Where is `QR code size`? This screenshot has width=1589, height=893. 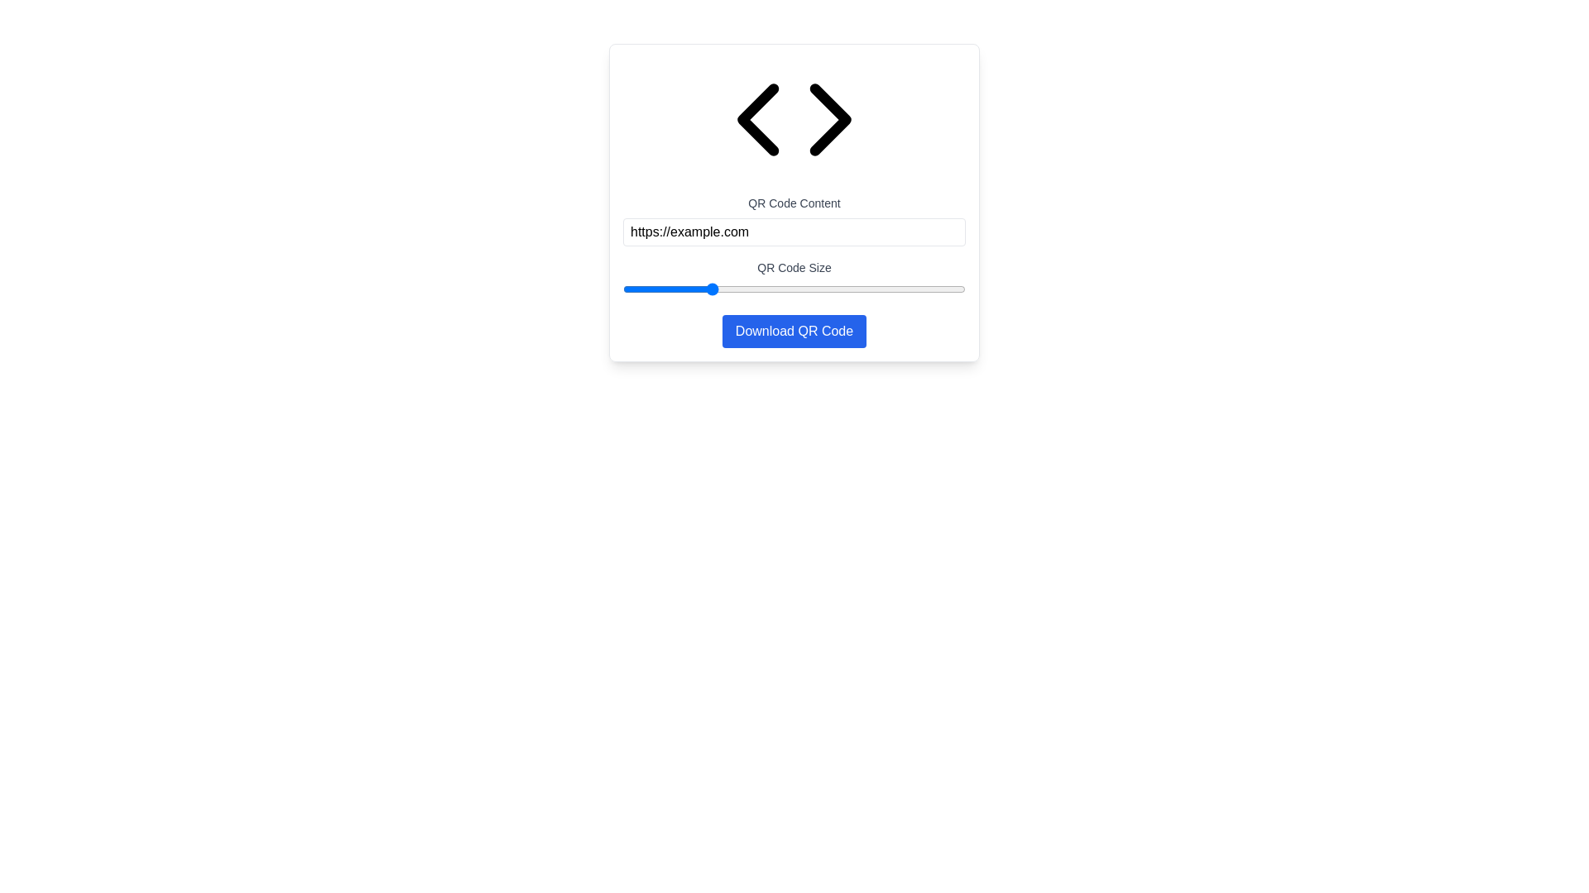
QR code size is located at coordinates (676, 289).